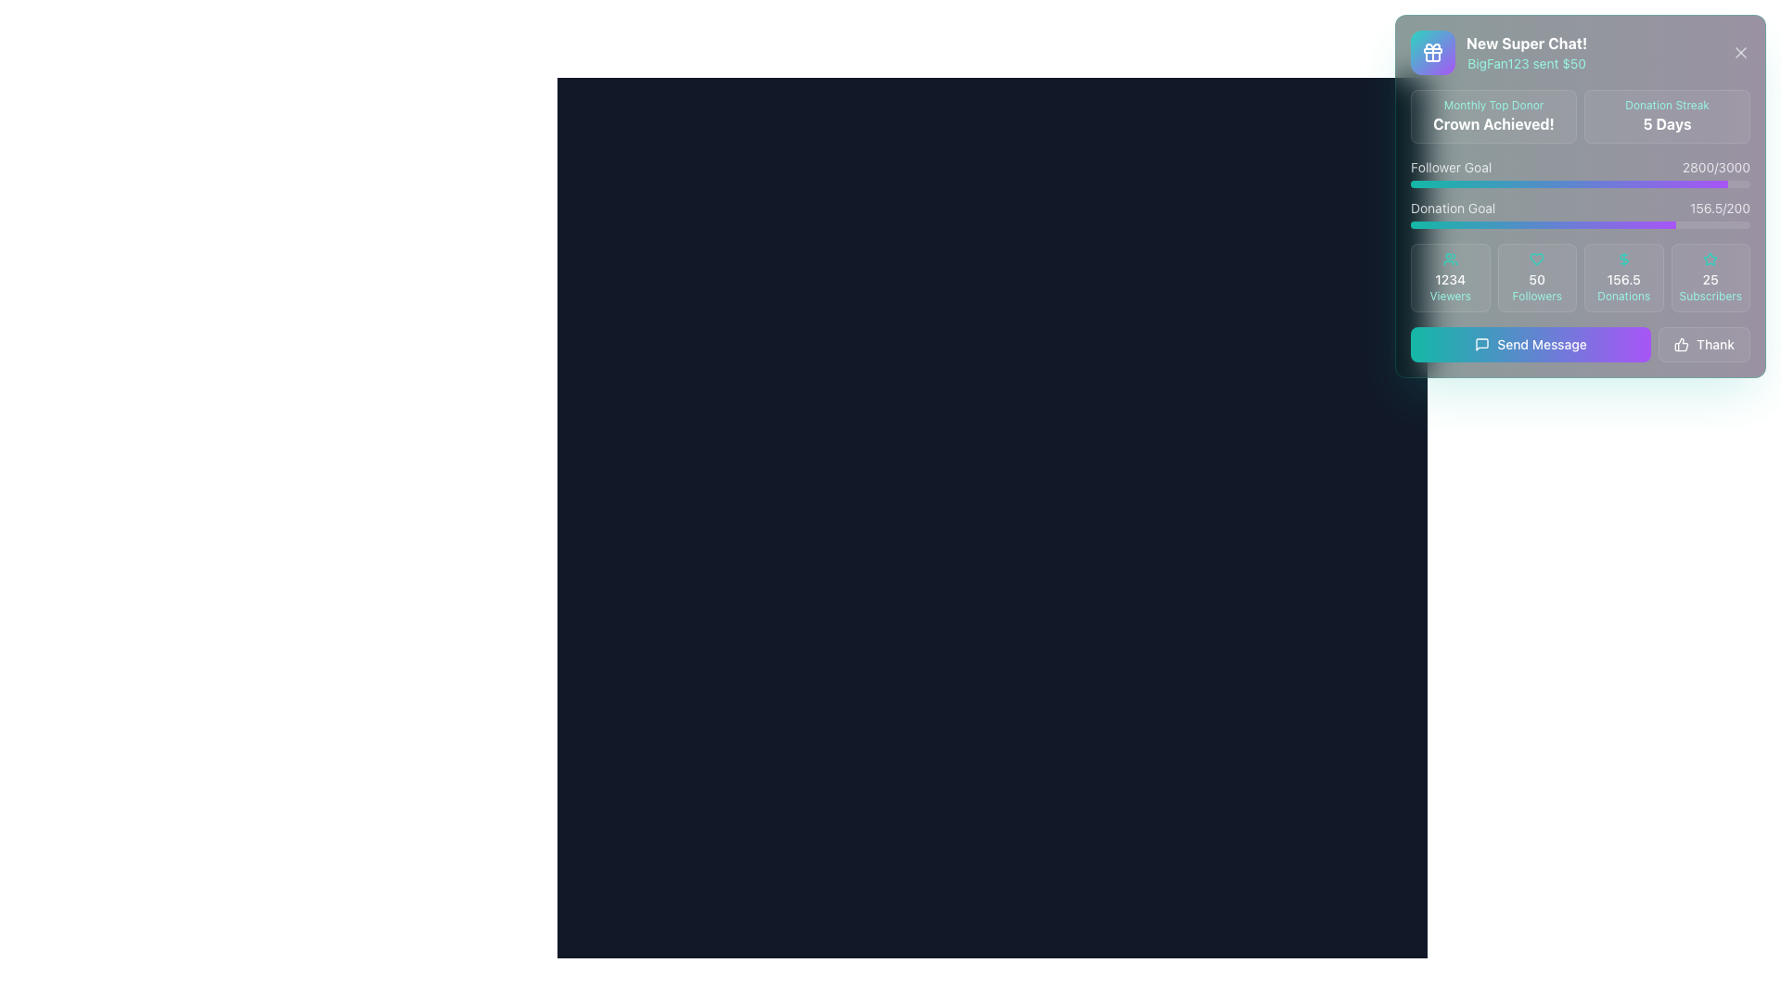  Describe the element at coordinates (1527, 42) in the screenshot. I see `the static text element displaying 'New Super Chat!' which is part of a notification box located in the upper-right area of the interface` at that location.